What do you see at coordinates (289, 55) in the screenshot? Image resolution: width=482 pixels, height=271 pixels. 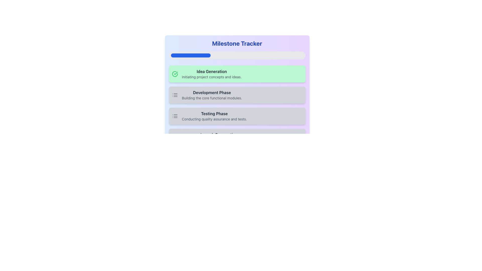 I see `the progress bar` at bounding box center [289, 55].